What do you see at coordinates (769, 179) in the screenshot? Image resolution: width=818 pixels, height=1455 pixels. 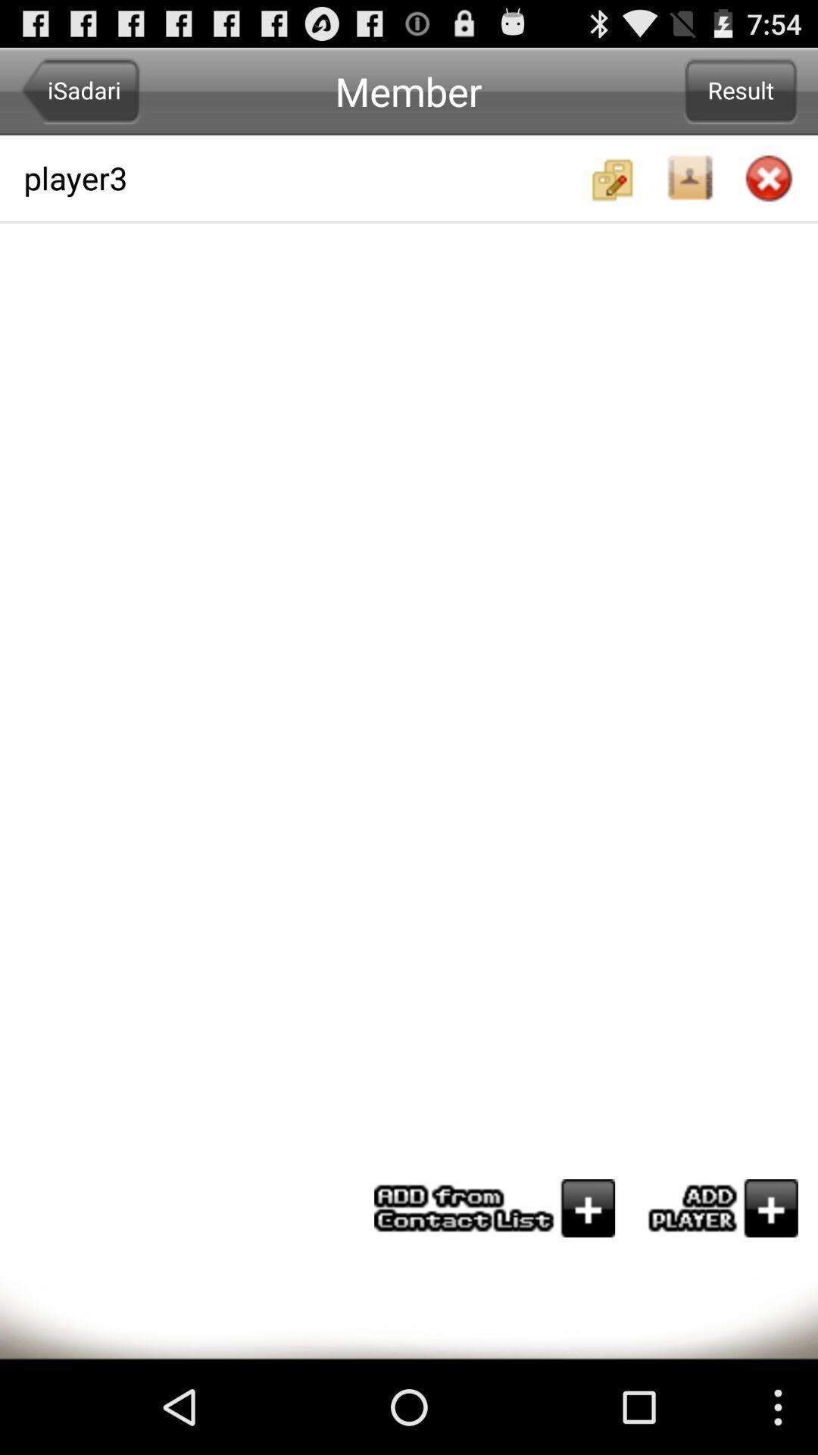 I see `remove item` at bounding box center [769, 179].